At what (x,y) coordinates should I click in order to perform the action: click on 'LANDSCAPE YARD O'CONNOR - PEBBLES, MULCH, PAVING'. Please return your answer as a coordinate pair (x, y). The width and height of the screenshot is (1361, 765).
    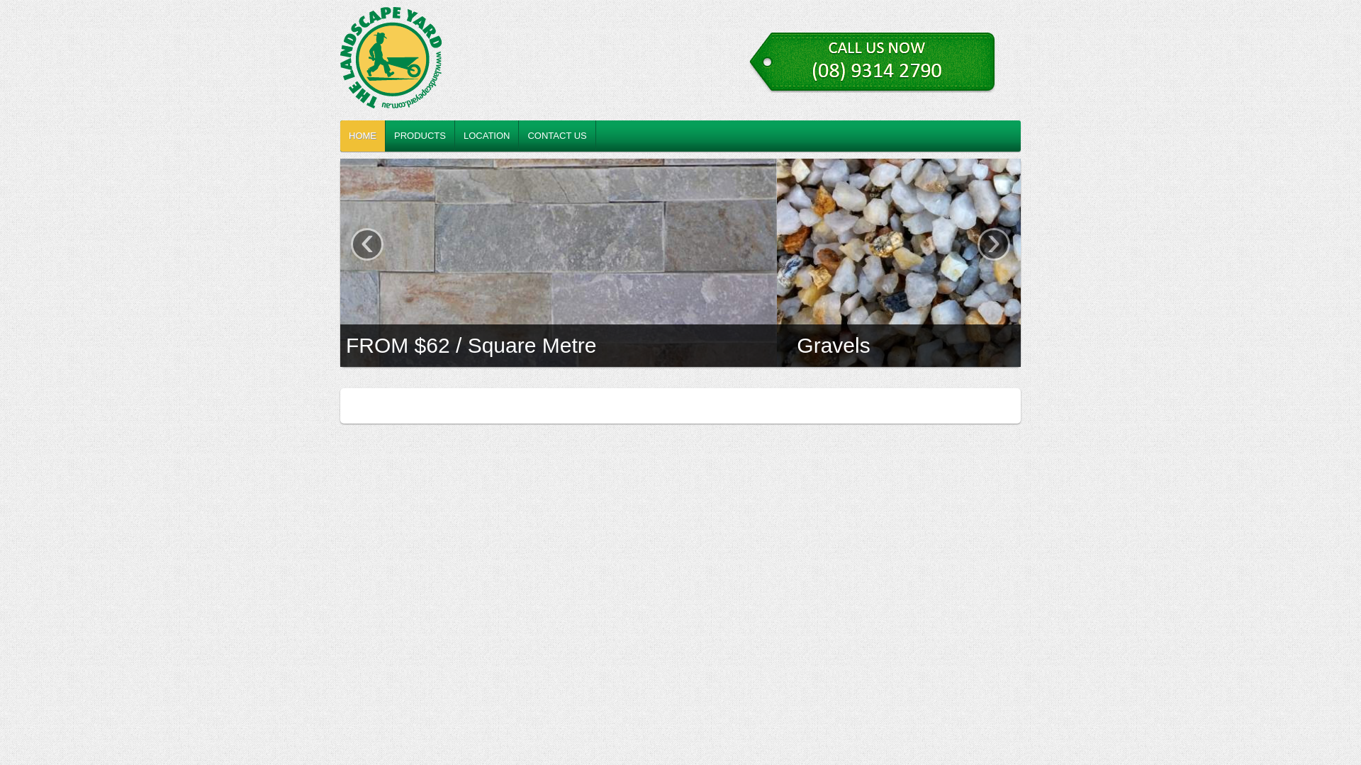
    Looking at the image, I should click on (464, 59).